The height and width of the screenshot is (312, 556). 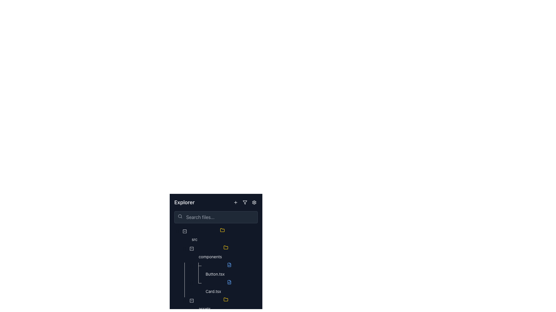 I want to click on the small button with a plus symbol ('+') located in the top-right corner of the 'Explorer' panel to change its background color to gray, so click(x=236, y=202).